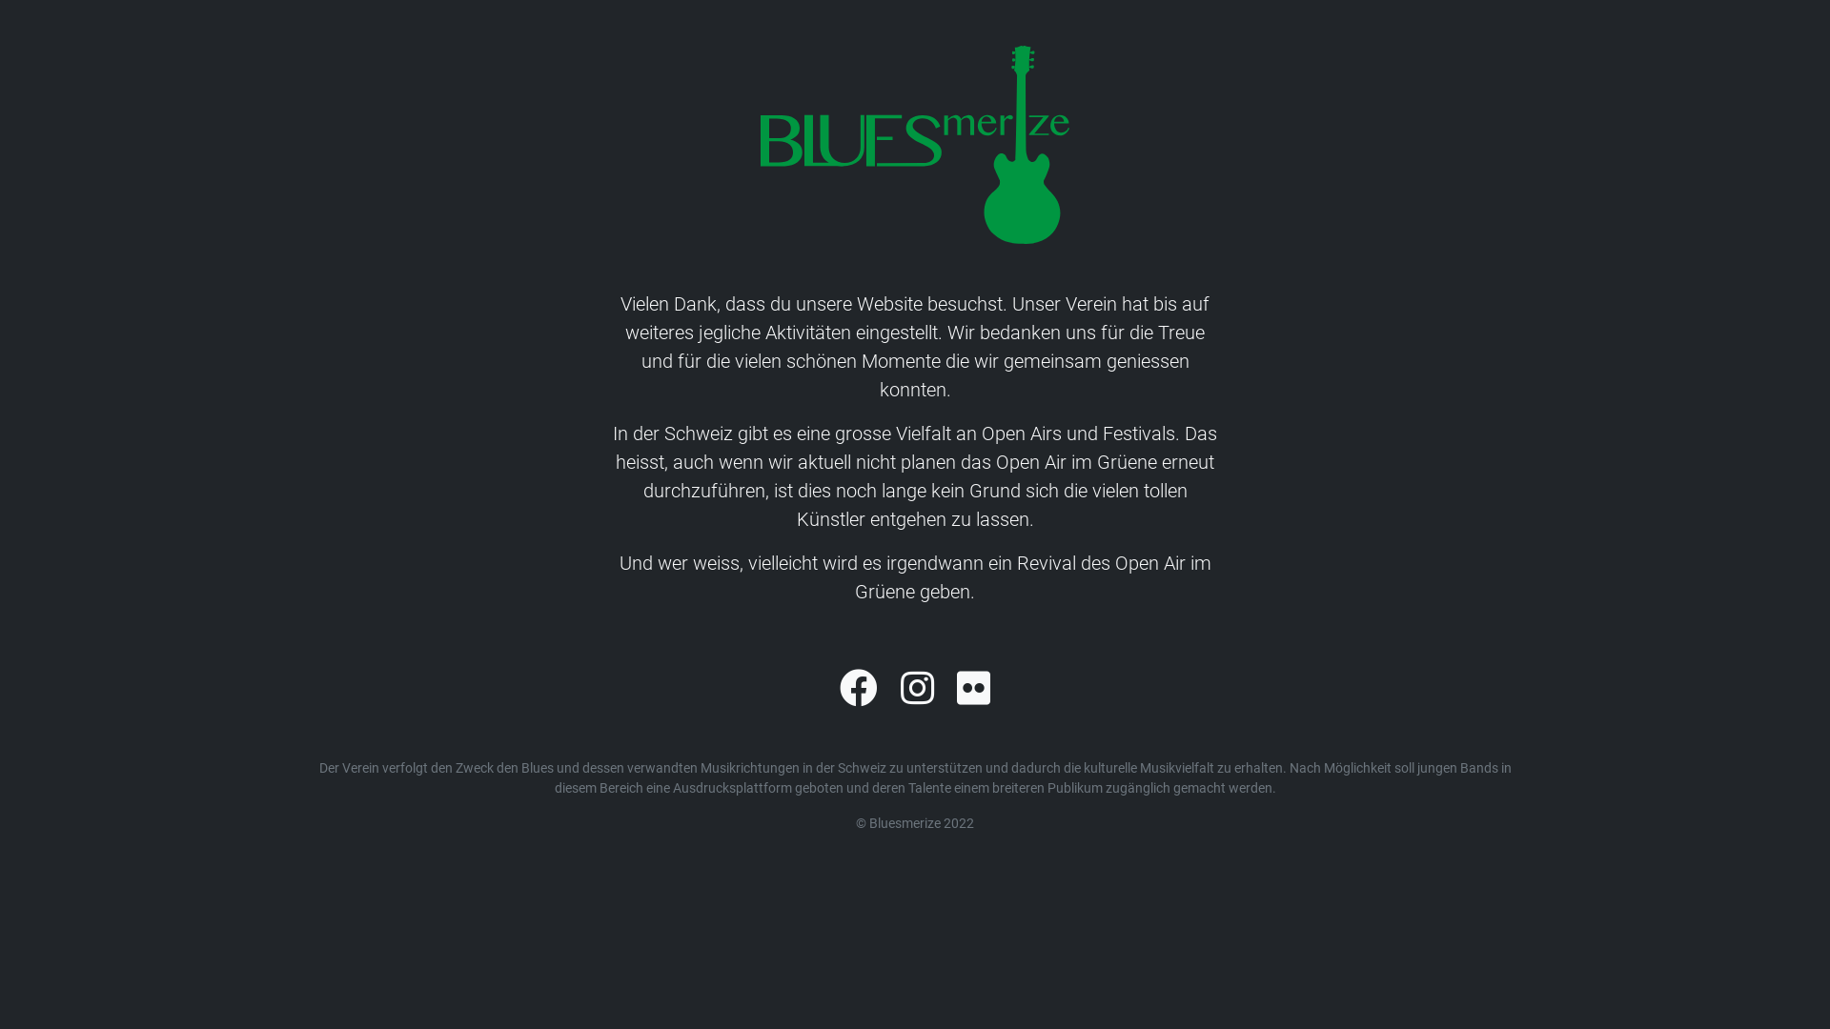  I want to click on 'Facebook', so click(858, 690).